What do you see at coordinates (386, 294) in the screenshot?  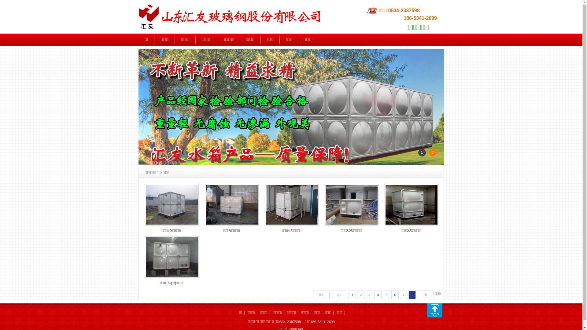 I see `'5'` at bounding box center [386, 294].